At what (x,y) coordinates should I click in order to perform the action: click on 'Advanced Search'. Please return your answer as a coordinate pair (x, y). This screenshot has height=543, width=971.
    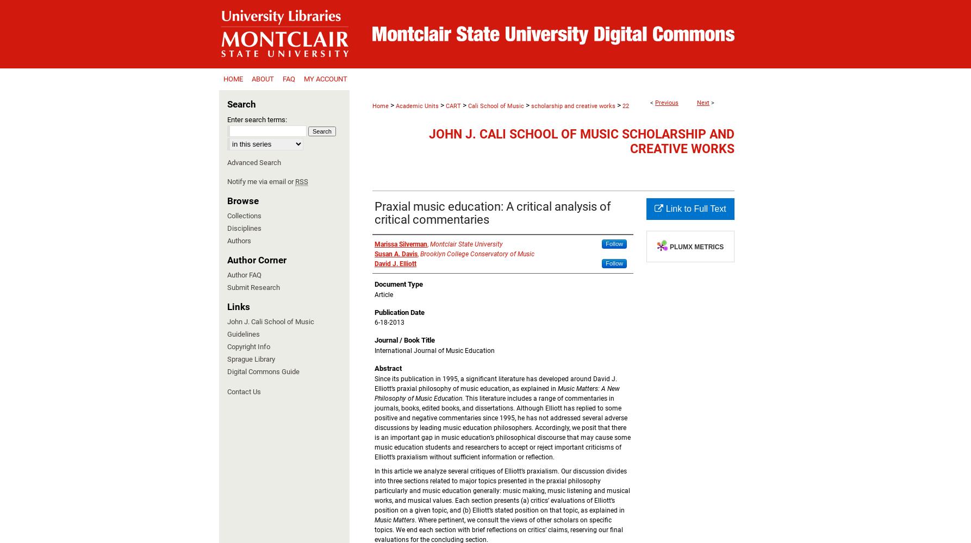
    Looking at the image, I should click on (253, 162).